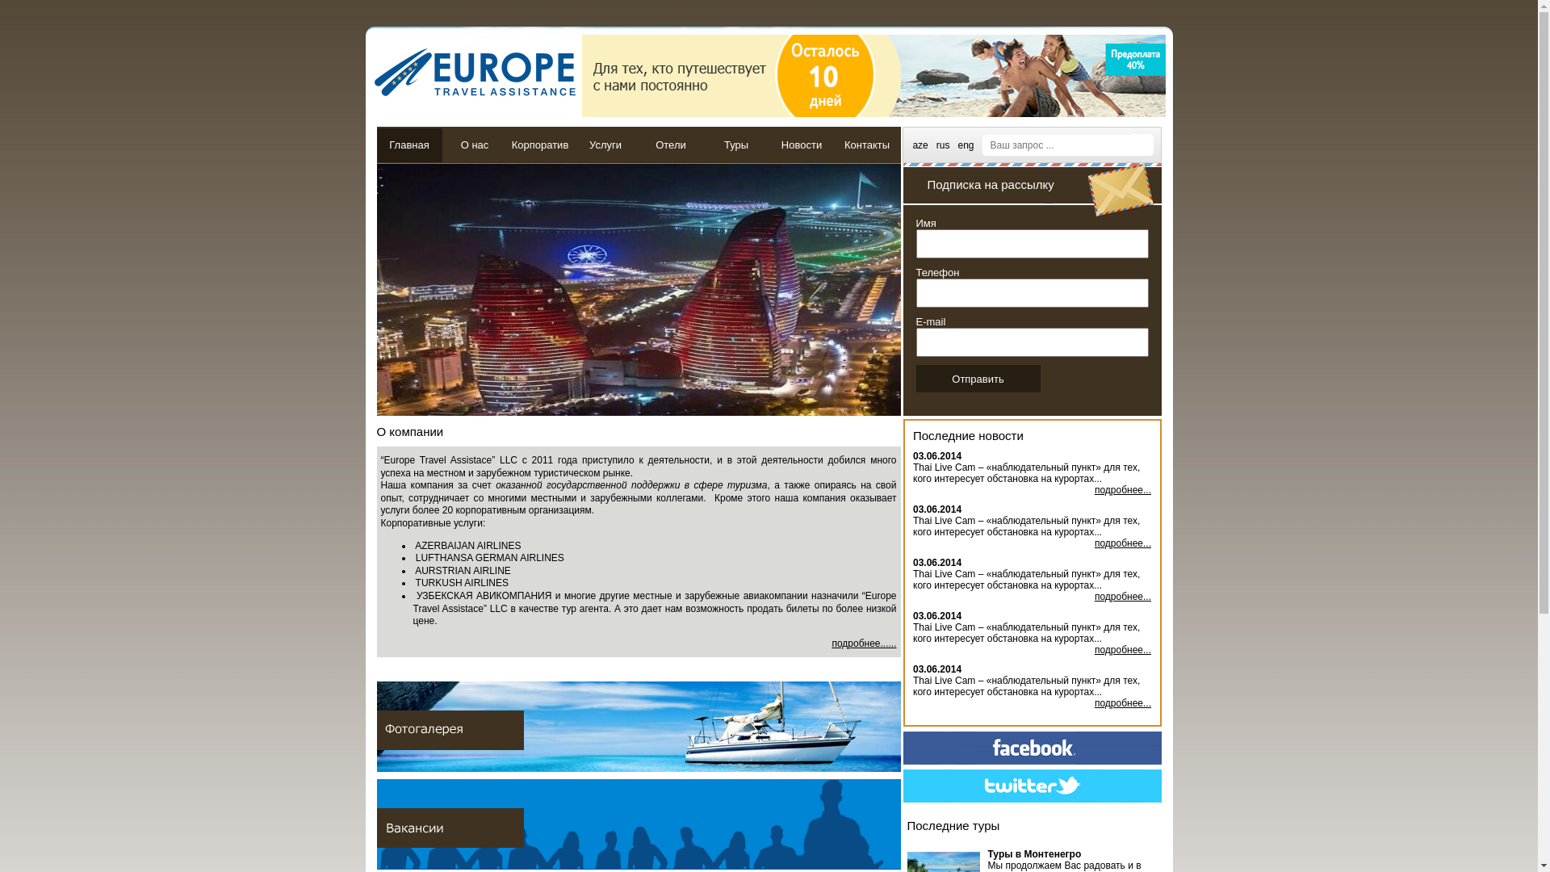  I want to click on 'eng', so click(965, 143).